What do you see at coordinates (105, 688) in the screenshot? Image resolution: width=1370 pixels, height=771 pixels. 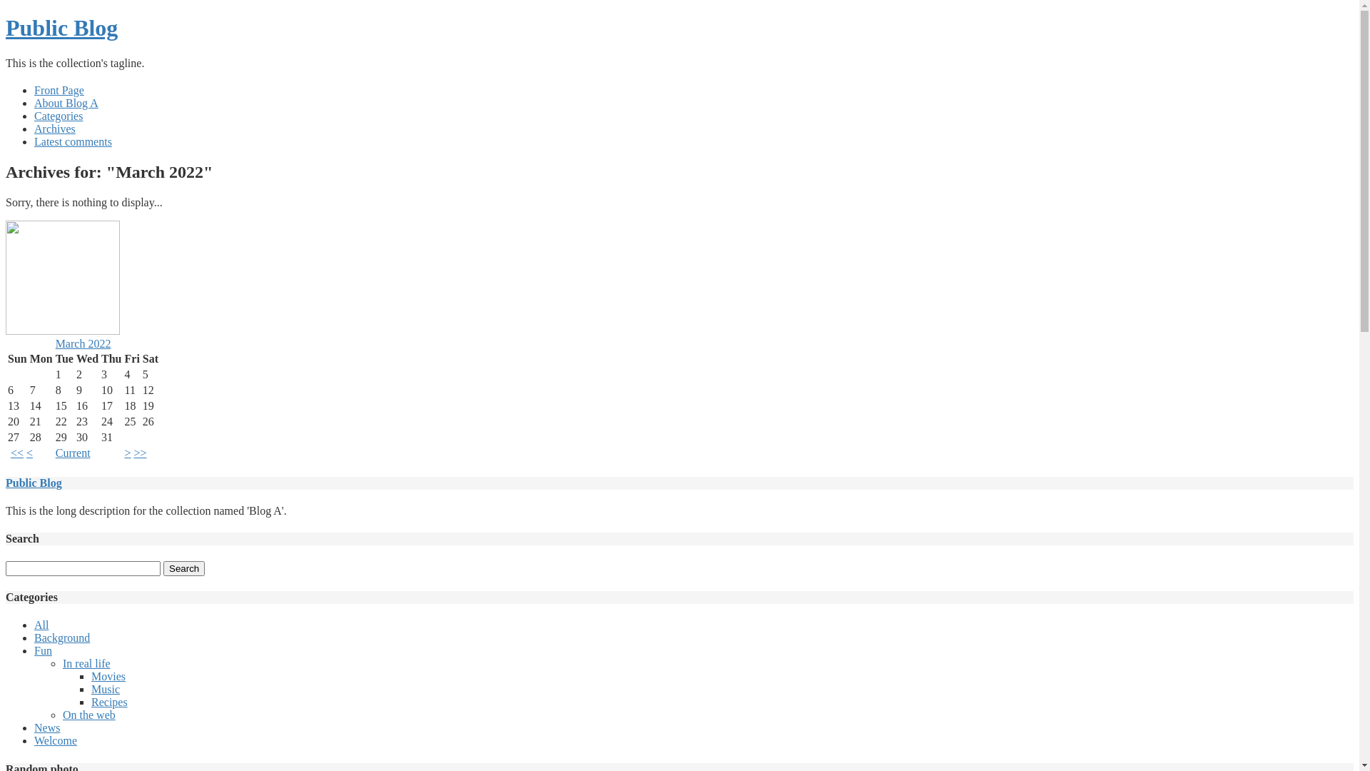 I see `'Music'` at bounding box center [105, 688].